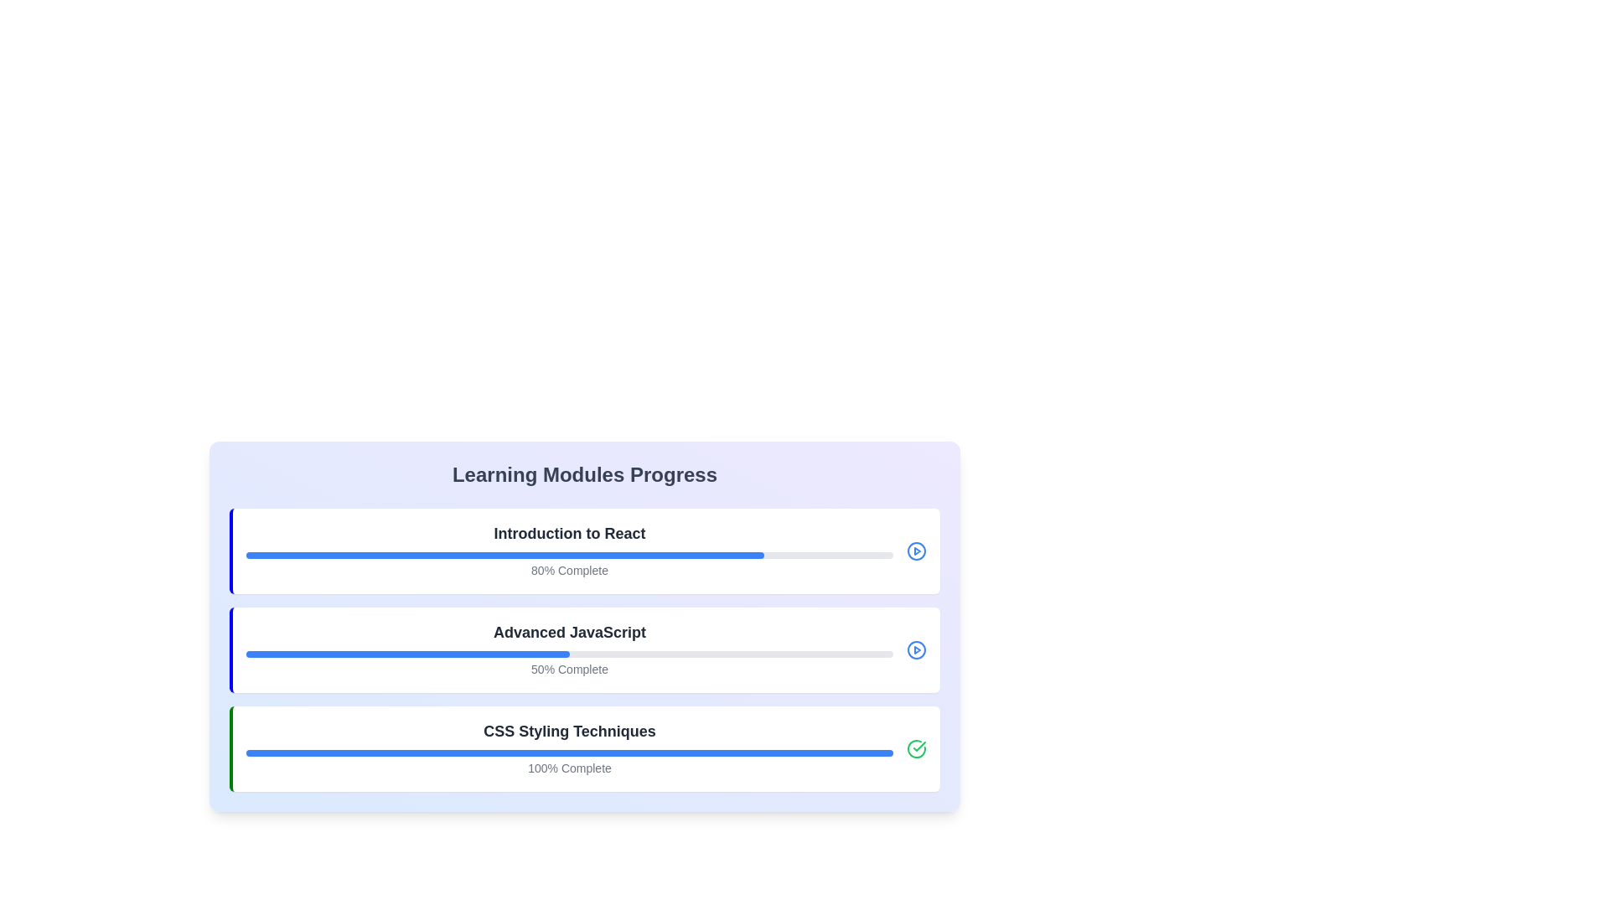 This screenshot has height=905, width=1609. What do you see at coordinates (570, 570) in the screenshot?
I see `the text label displaying '80% Complete' located below the progress bar in the 'Introduction to React' module` at bounding box center [570, 570].